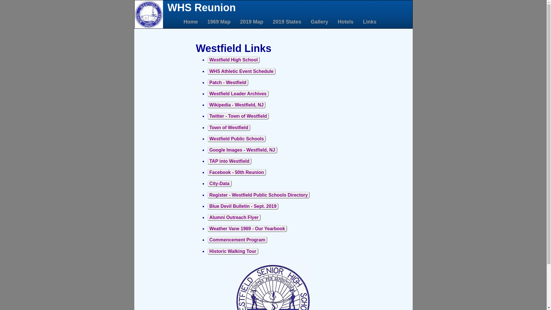 Image resolution: width=551 pixels, height=310 pixels. I want to click on 'City-Data', so click(219, 183).